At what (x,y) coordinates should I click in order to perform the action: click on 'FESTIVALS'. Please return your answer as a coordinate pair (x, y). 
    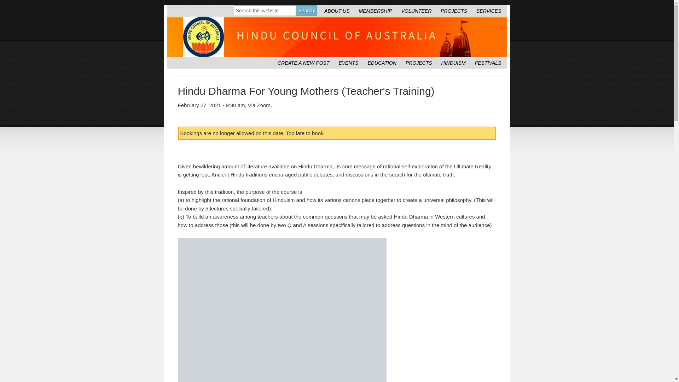
    Looking at the image, I should click on (488, 62).